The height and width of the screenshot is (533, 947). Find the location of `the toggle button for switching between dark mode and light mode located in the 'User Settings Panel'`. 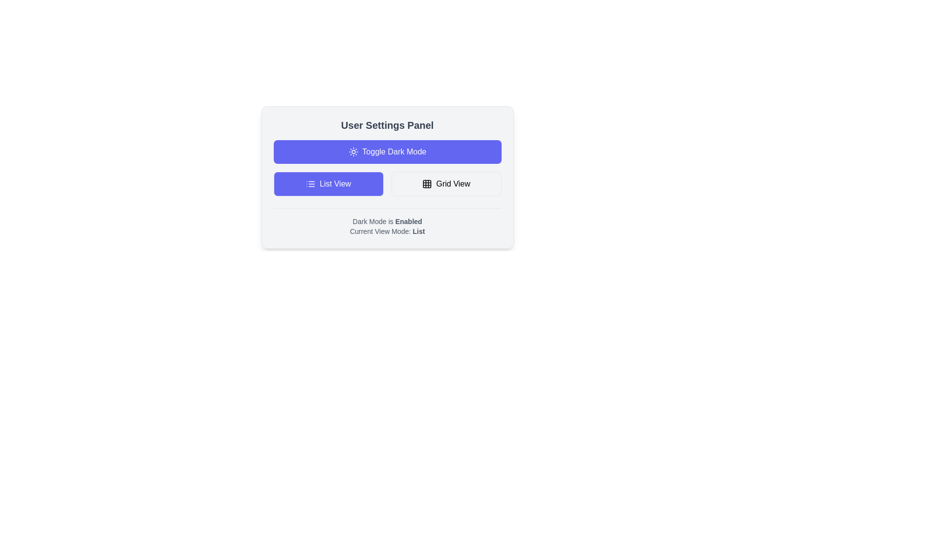

the toggle button for switching between dark mode and light mode located in the 'User Settings Panel' is located at coordinates (387, 152).